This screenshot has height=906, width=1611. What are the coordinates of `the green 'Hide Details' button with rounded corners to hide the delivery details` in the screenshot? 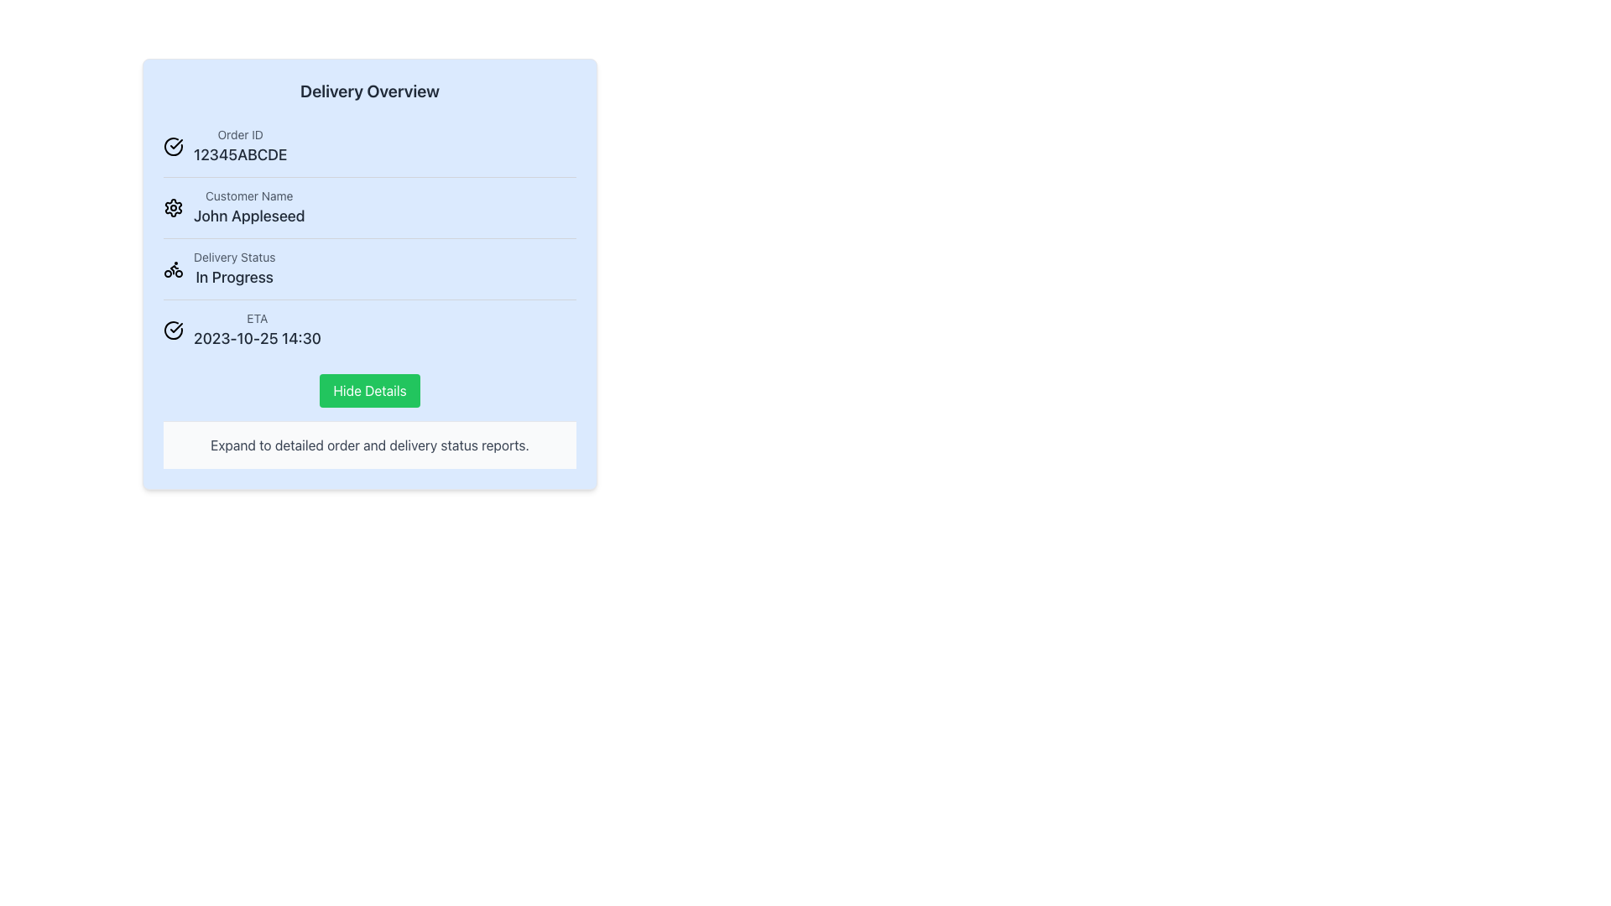 It's located at (369, 391).